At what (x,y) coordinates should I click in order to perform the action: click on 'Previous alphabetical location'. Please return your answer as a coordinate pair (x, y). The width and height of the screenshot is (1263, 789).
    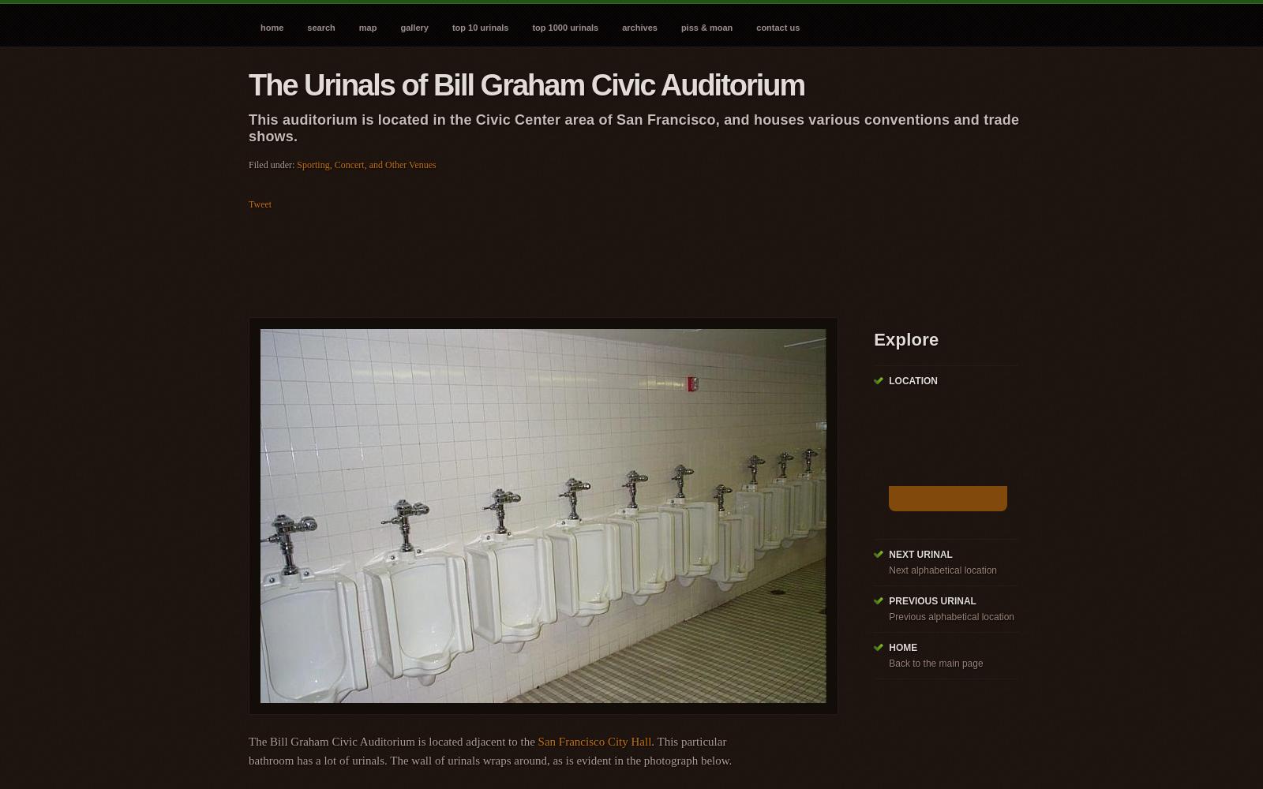
    Looking at the image, I should click on (950, 616).